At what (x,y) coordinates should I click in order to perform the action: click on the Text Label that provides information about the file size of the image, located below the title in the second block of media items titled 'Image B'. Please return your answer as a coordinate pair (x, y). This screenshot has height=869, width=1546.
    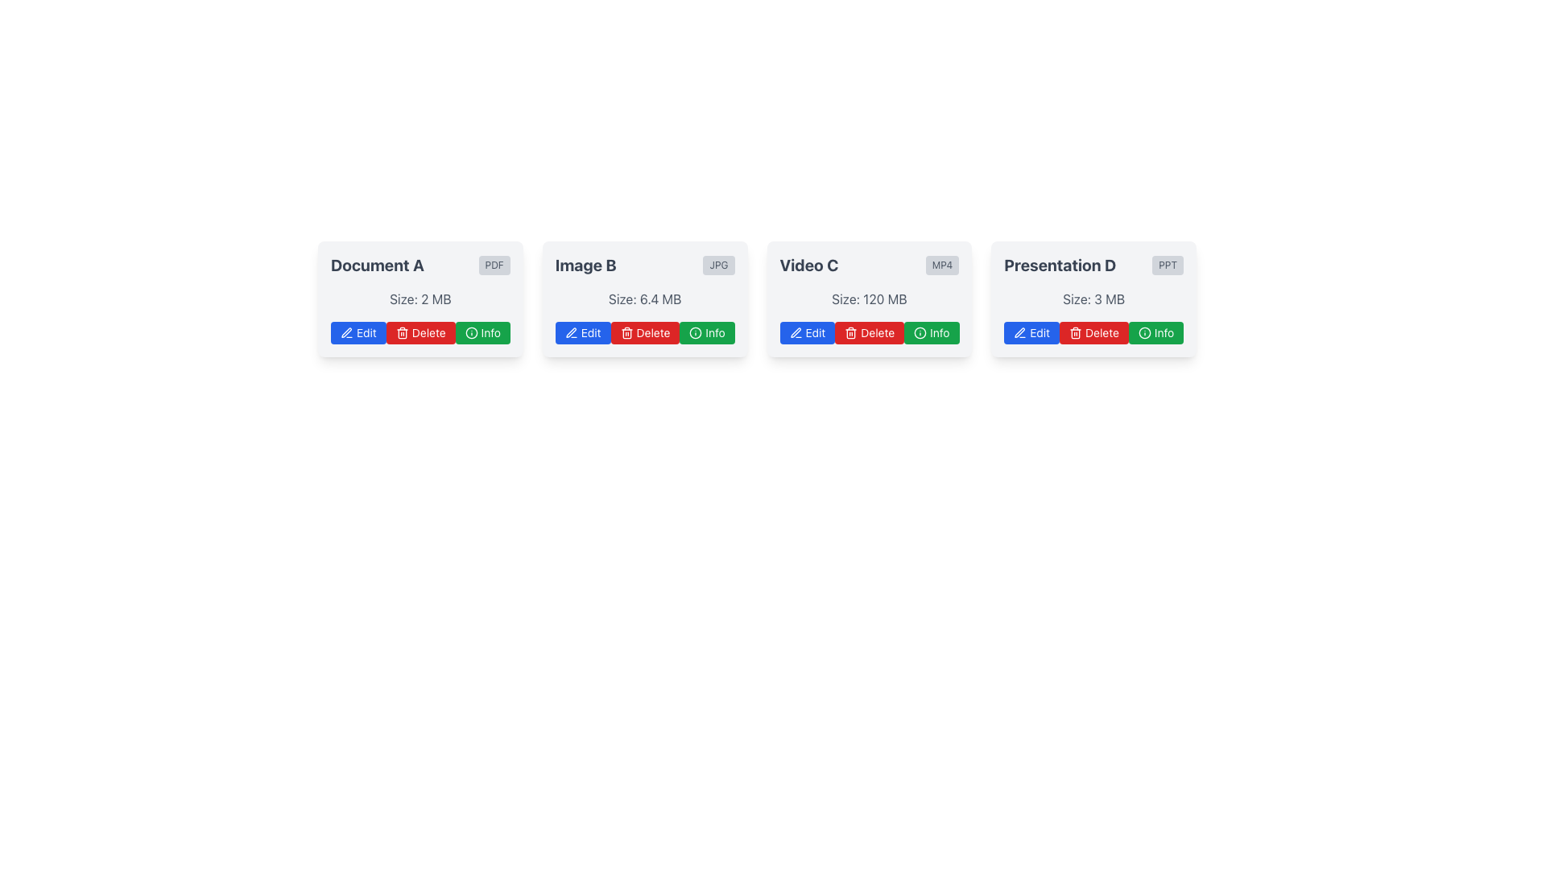
    Looking at the image, I should click on (645, 299).